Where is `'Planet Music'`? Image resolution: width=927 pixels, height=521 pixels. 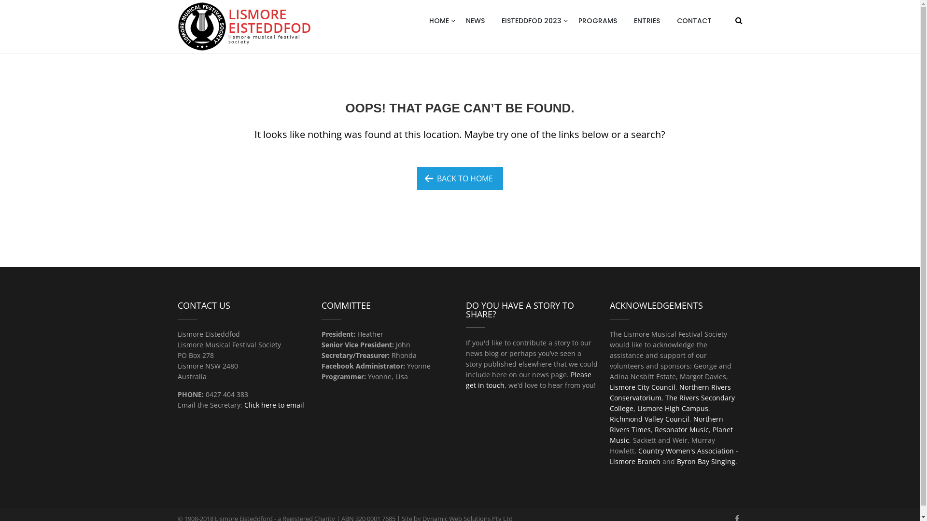 'Planet Music' is located at coordinates (671, 435).